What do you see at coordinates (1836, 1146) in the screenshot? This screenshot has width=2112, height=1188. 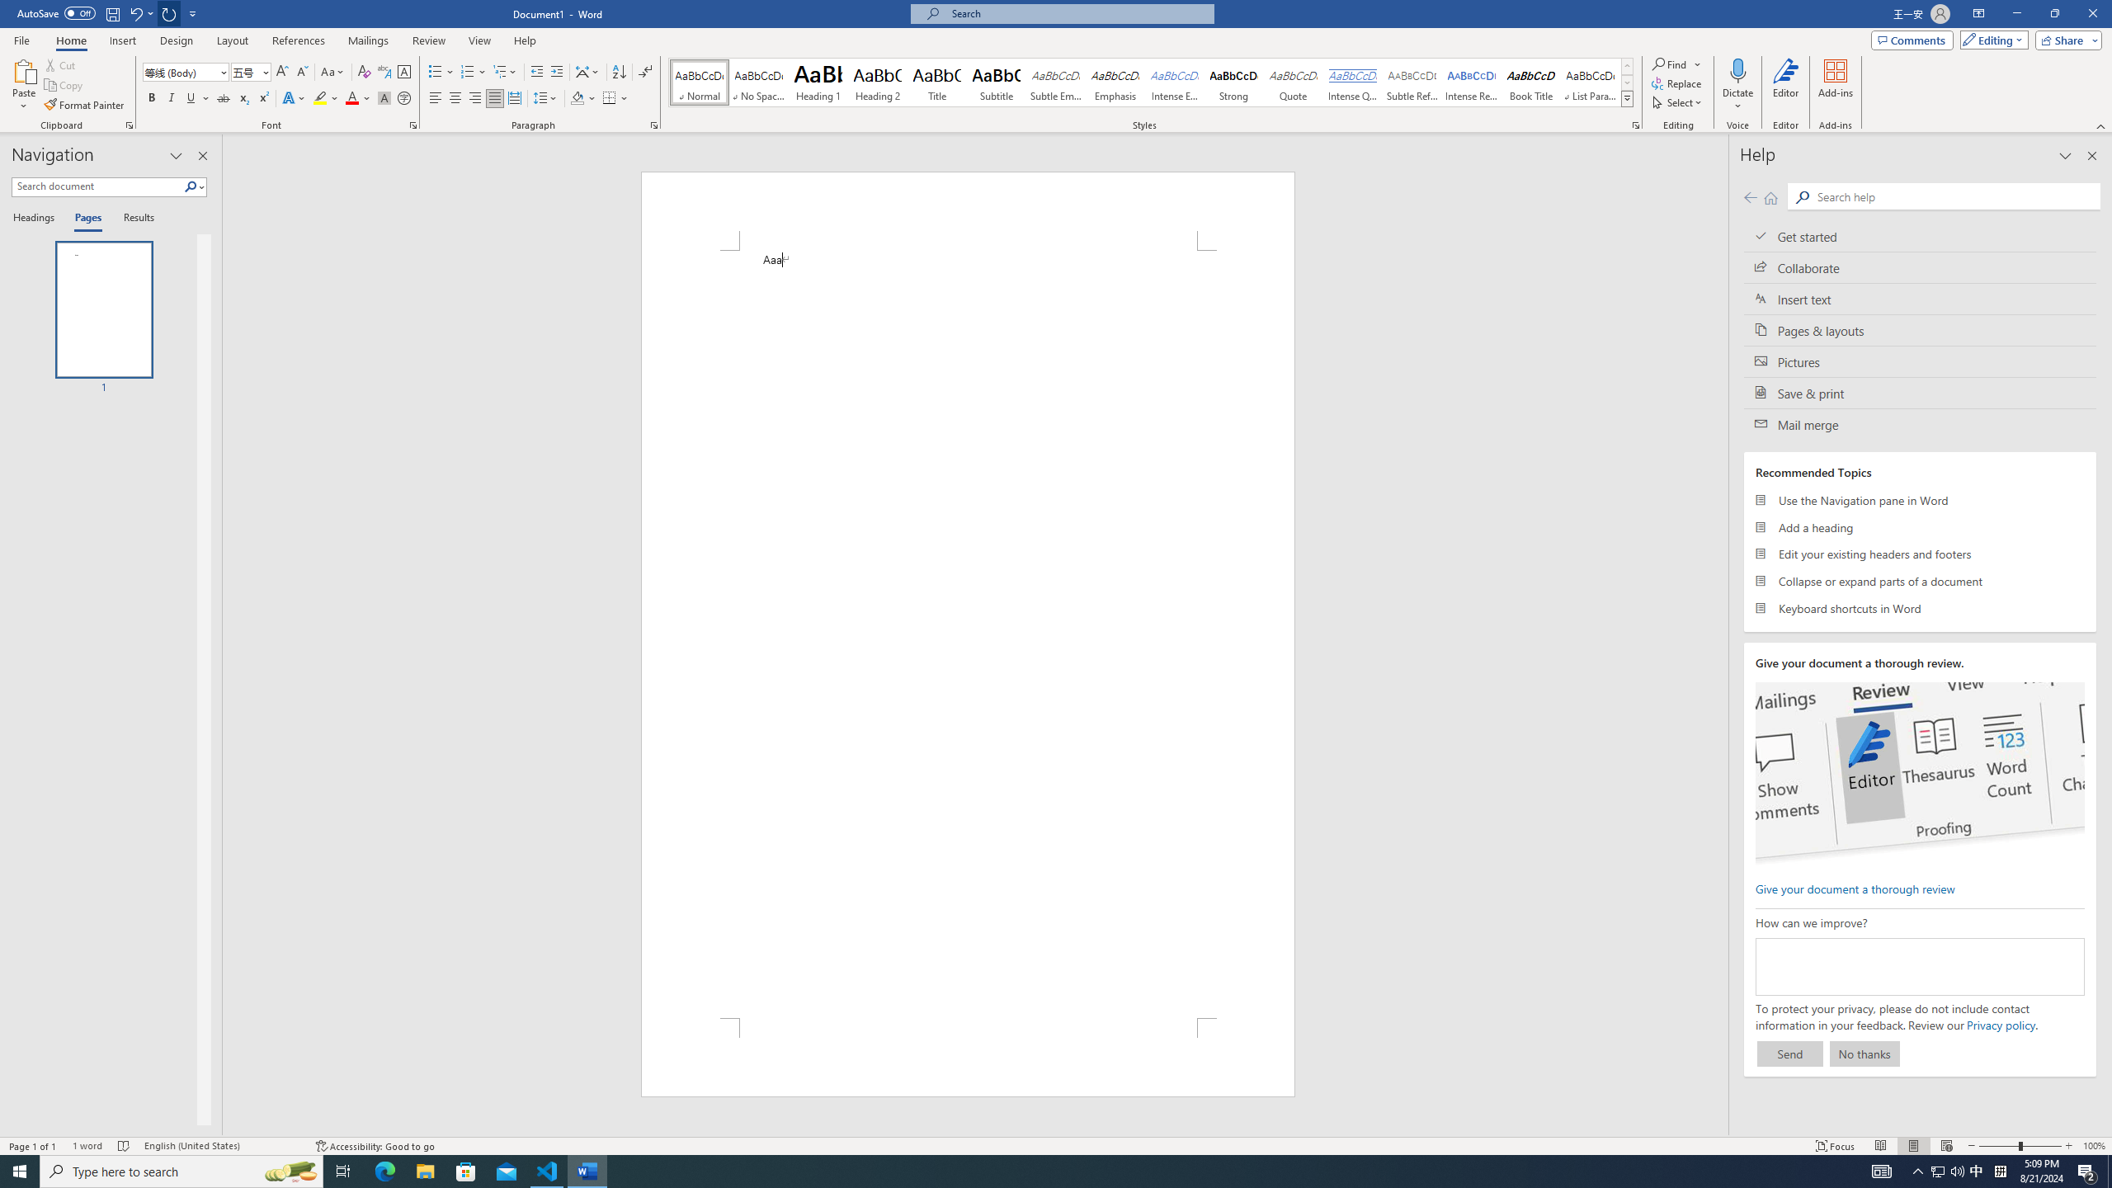 I see `'Focus '` at bounding box center [1836, 1146].